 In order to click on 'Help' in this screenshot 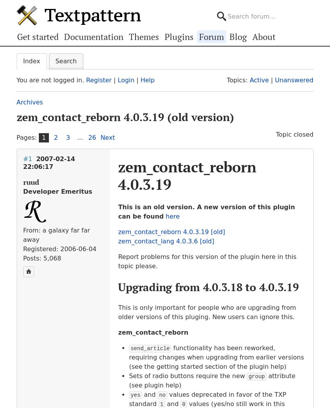, I will do `click(147, 80)`.